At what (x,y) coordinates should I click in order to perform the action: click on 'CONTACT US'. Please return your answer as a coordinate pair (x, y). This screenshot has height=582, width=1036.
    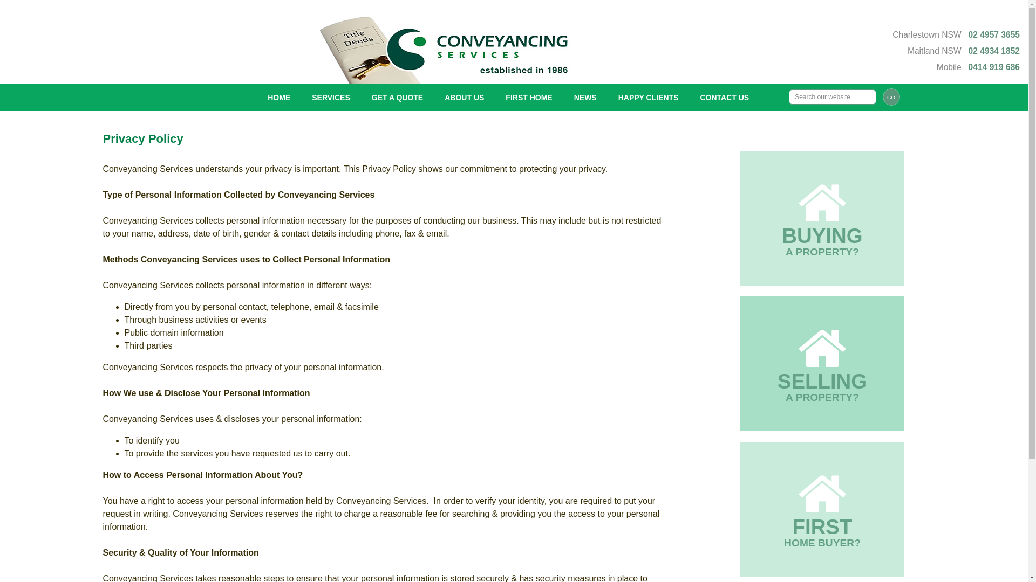
    Looking at the image, I should click on (724, 98).